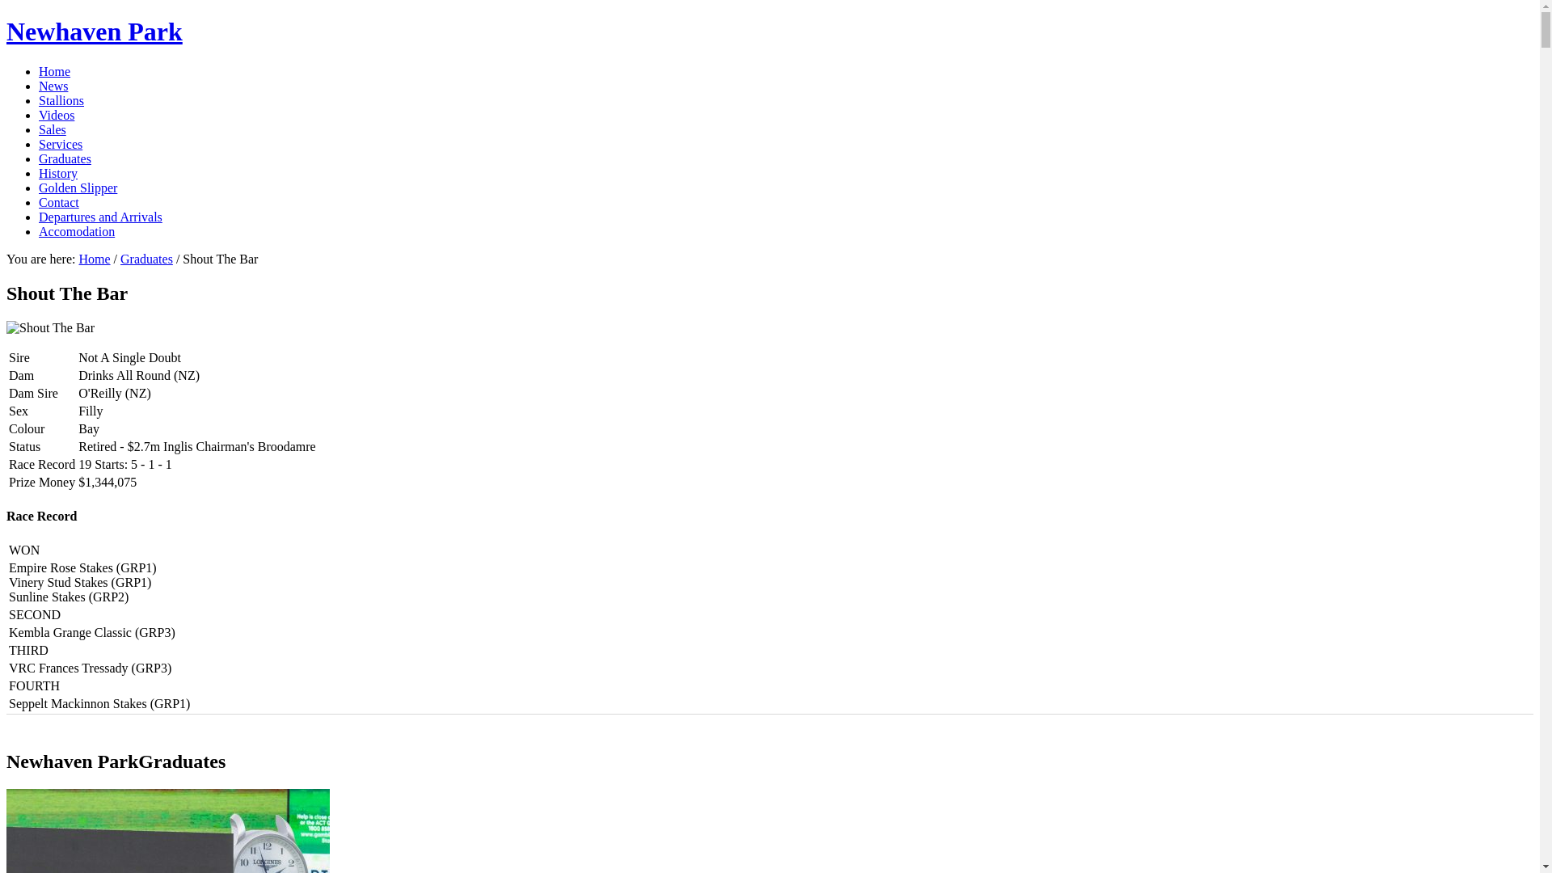 This screenshot has height=873, width=1552. I want to click on 'Graduates', so click(65, 158).